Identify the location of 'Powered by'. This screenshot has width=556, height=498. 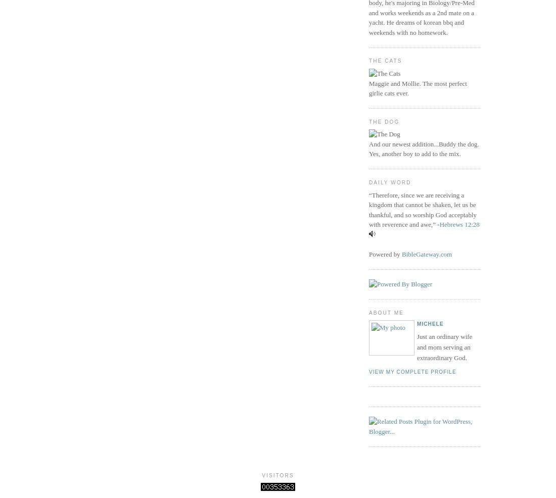
(385, 253).